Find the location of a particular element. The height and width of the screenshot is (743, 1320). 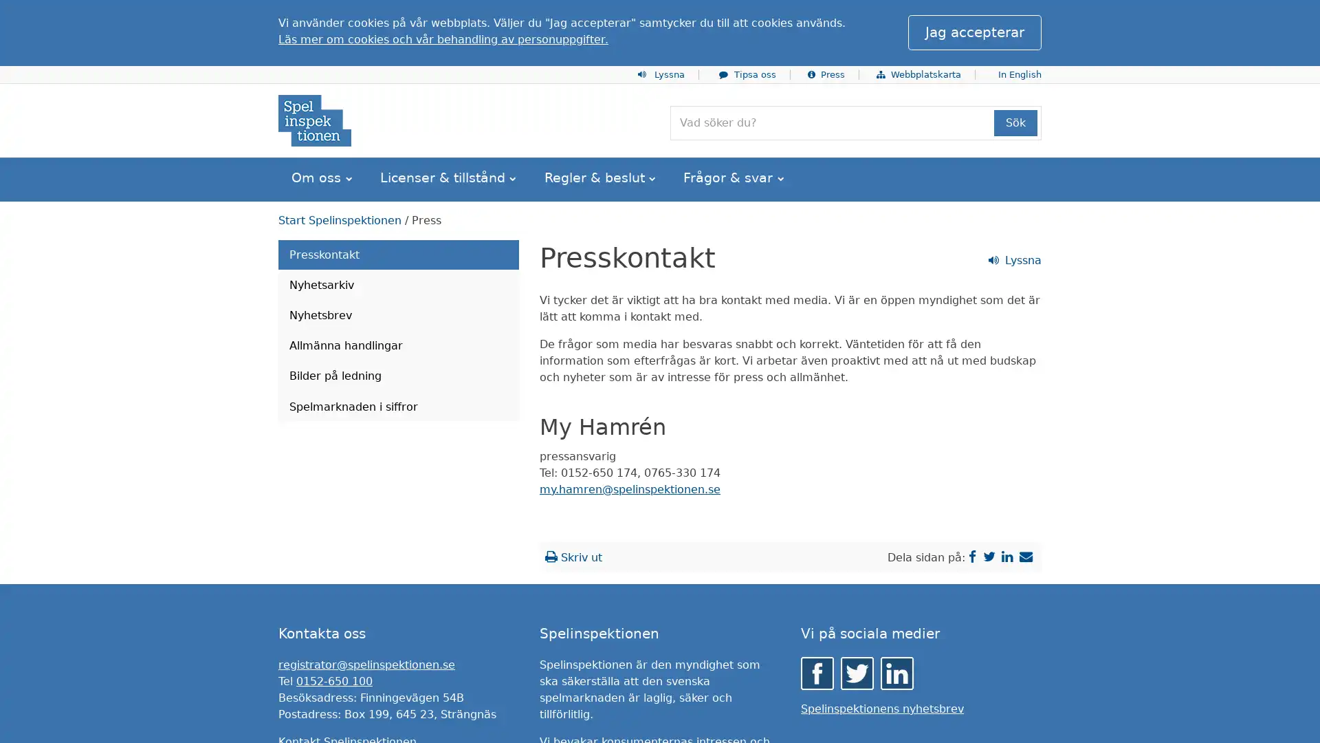

webReaders meny is located at coordinates (289, 17).